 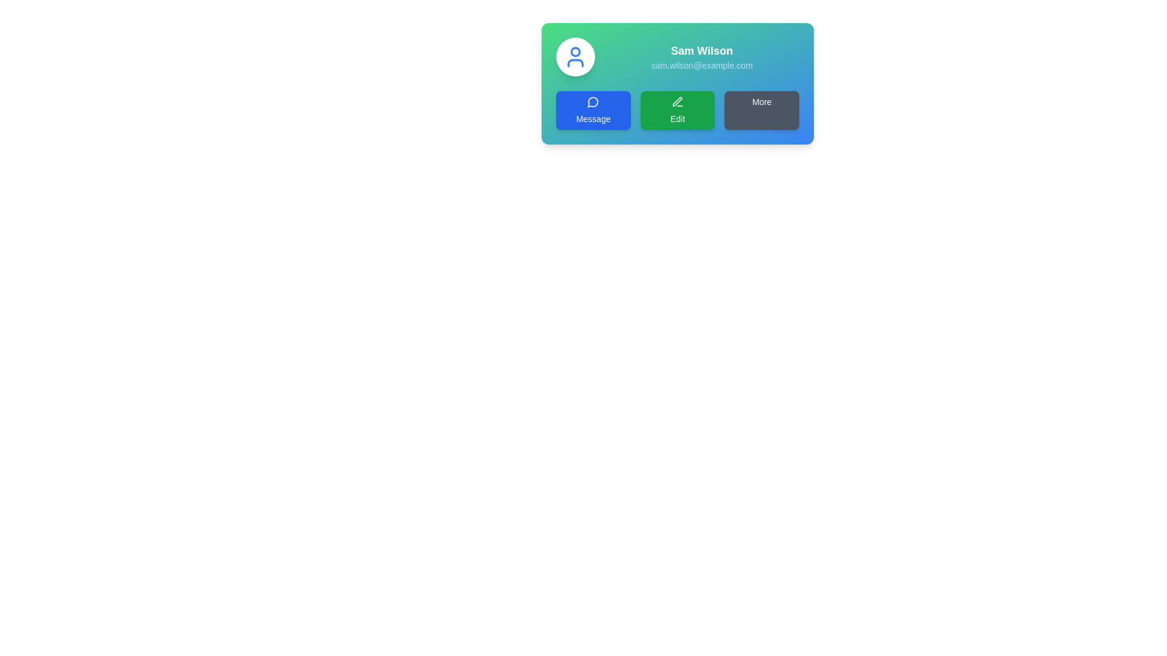 I want to click on the human profile icon with blue lines in a white circular area, so click(x=574, y=56).